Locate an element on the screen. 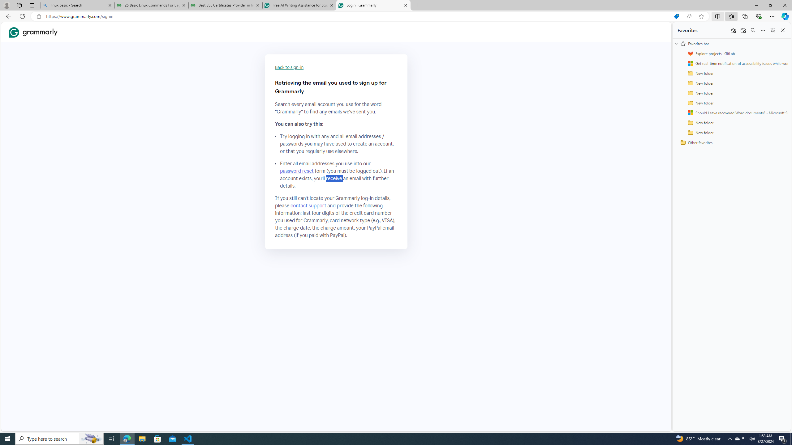 The height and width of the screenshot is (445, 792). 'Grammarly Home' is located at coordinates (33, 32).